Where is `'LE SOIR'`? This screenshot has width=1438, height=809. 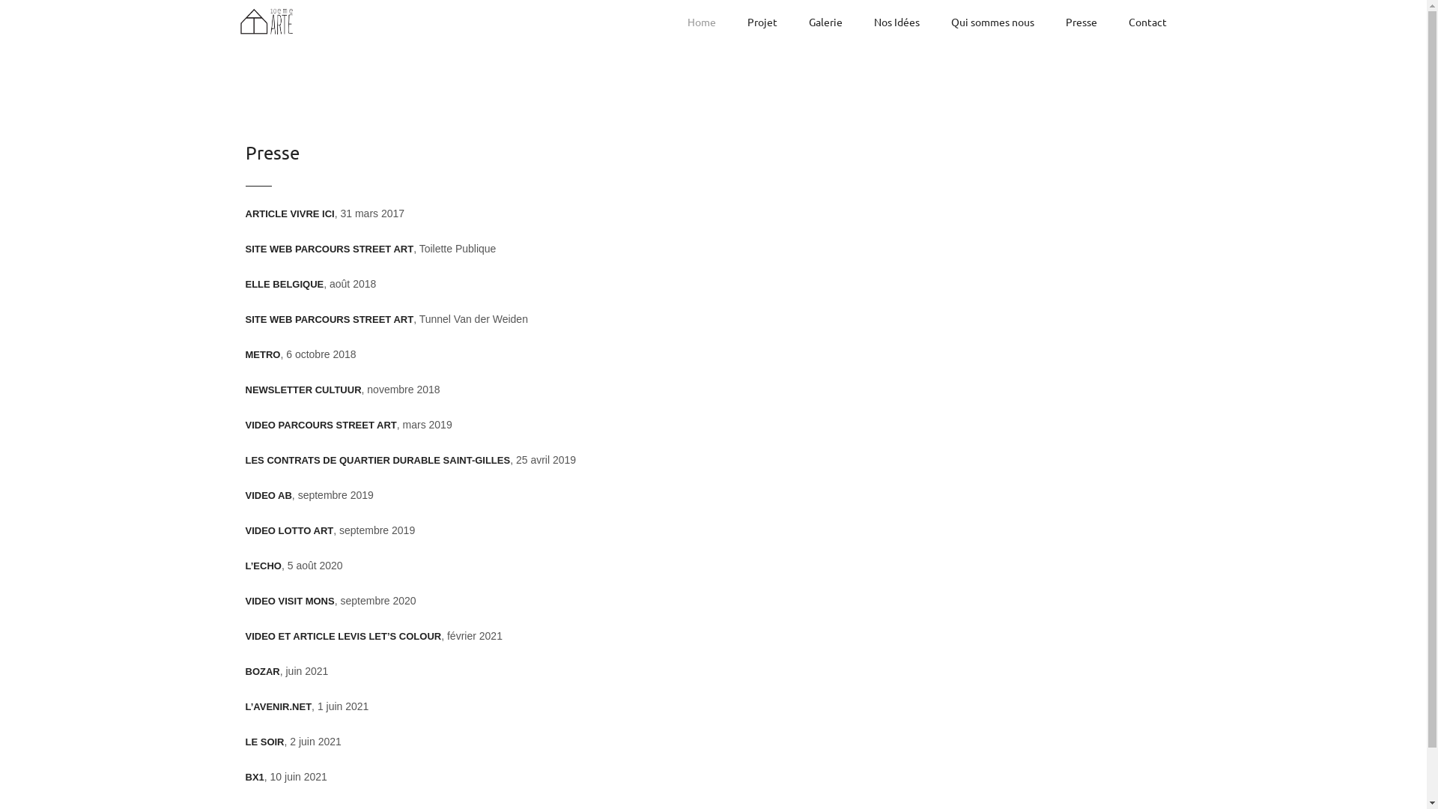
'LE SOIR' is located at coordinates (265, 742).